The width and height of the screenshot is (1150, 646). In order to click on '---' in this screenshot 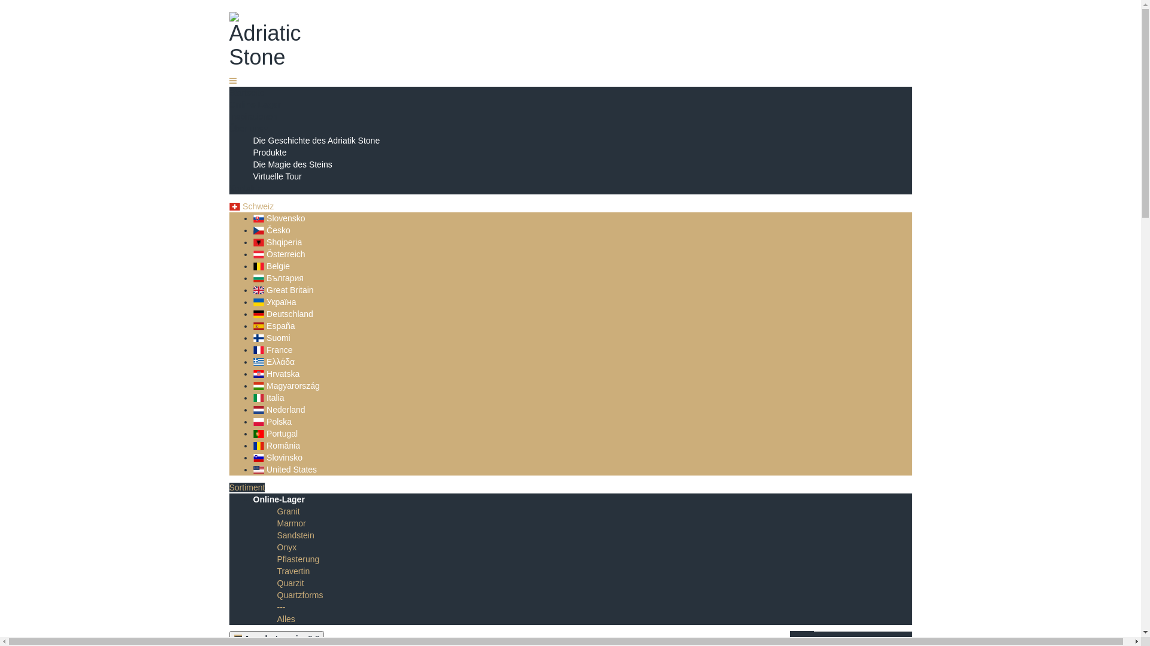, I will do `click(276, 607)`.